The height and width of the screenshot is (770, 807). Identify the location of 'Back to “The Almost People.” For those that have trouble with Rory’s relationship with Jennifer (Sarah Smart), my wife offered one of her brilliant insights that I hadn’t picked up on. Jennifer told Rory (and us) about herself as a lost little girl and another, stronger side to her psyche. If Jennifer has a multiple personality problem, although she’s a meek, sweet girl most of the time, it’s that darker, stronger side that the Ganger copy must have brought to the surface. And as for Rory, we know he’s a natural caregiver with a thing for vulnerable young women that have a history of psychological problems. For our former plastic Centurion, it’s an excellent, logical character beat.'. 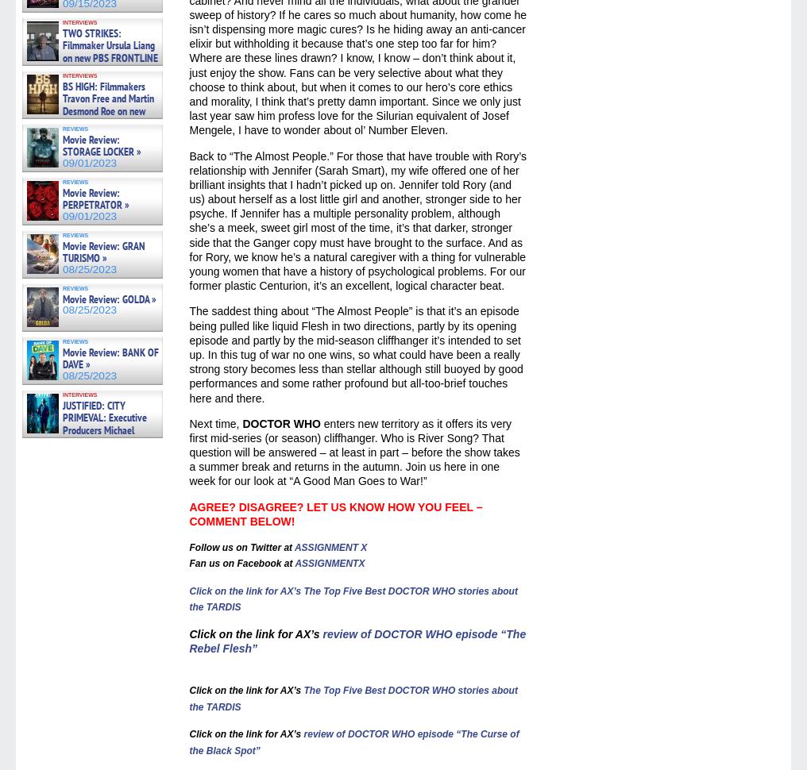
(189, 220).